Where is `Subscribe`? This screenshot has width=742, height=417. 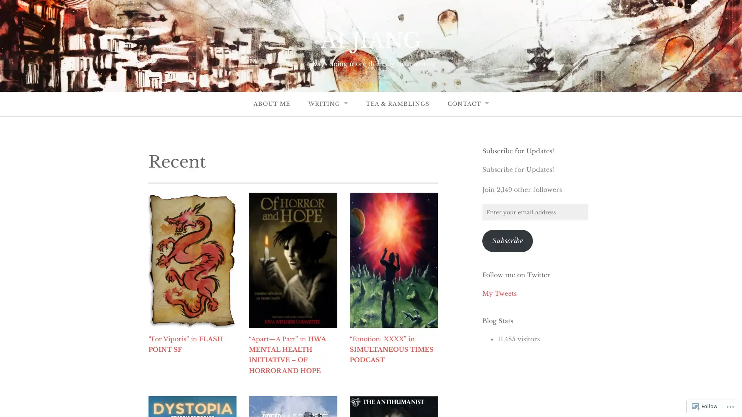
Subscribe is located at coordinates (507, 240).